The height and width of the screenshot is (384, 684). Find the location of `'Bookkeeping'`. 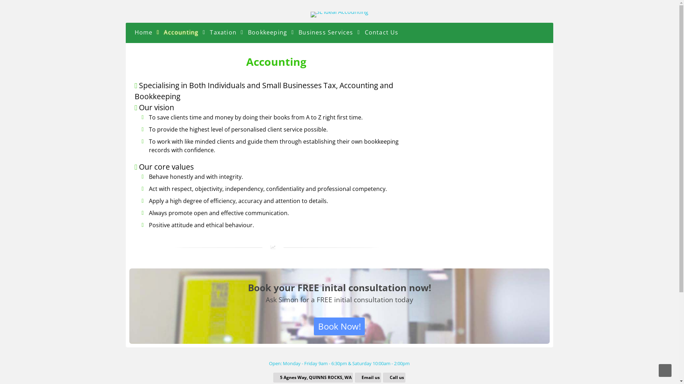

'Bookkeeping' is located at coordinates (267, 31).